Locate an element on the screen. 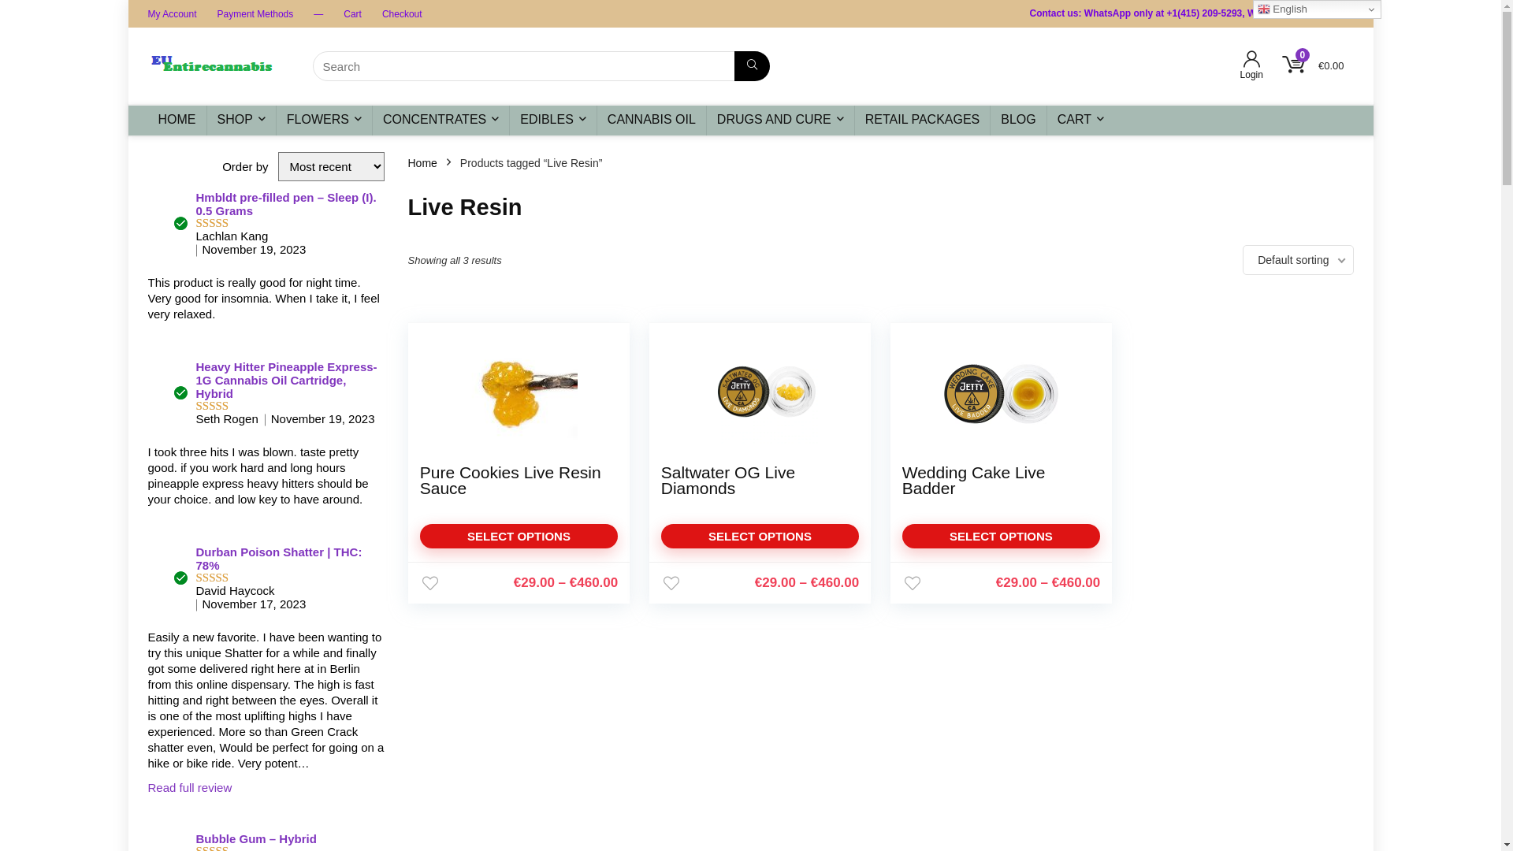 The width and height of the screenshot is (1513, 851). 'Checkout' is located at coordinates (402, 13).